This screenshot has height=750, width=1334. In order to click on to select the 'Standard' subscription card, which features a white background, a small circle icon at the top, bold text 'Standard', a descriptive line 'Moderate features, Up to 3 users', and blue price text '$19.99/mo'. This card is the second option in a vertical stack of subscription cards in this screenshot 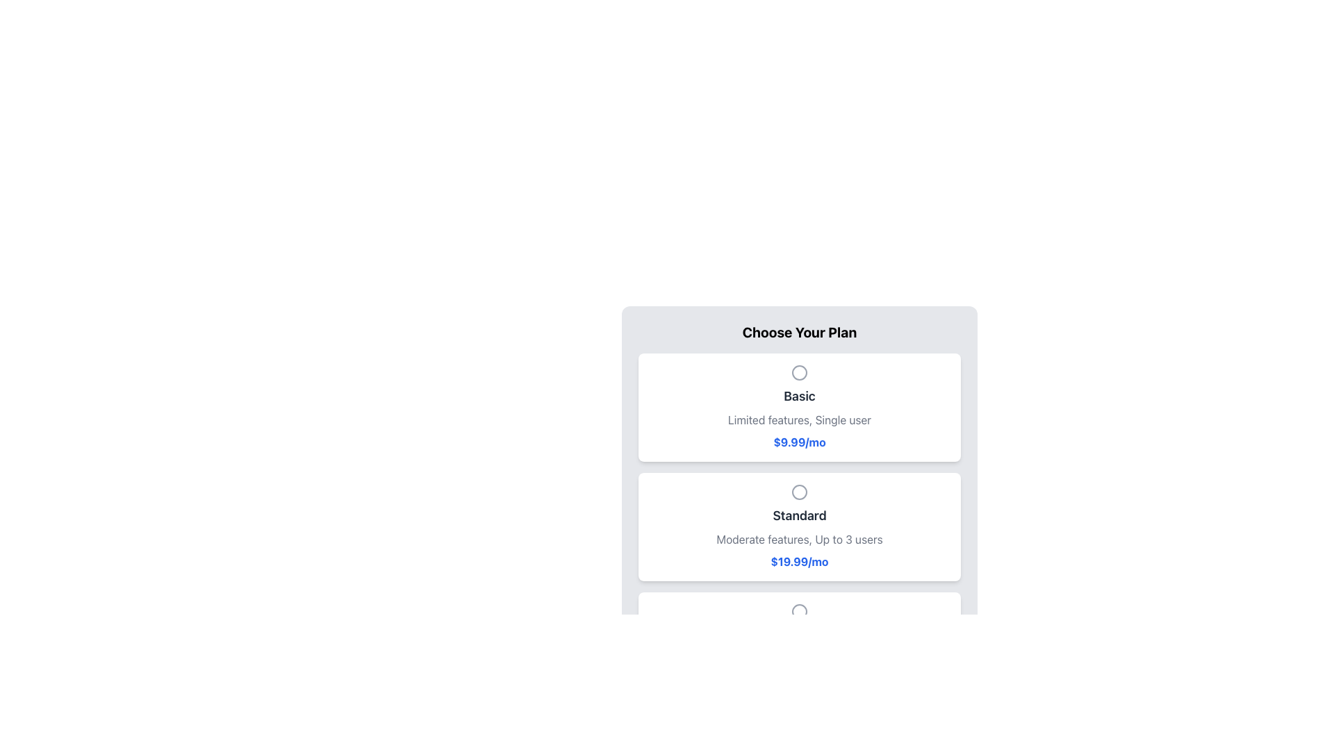, I will do `click(800, 527)`.